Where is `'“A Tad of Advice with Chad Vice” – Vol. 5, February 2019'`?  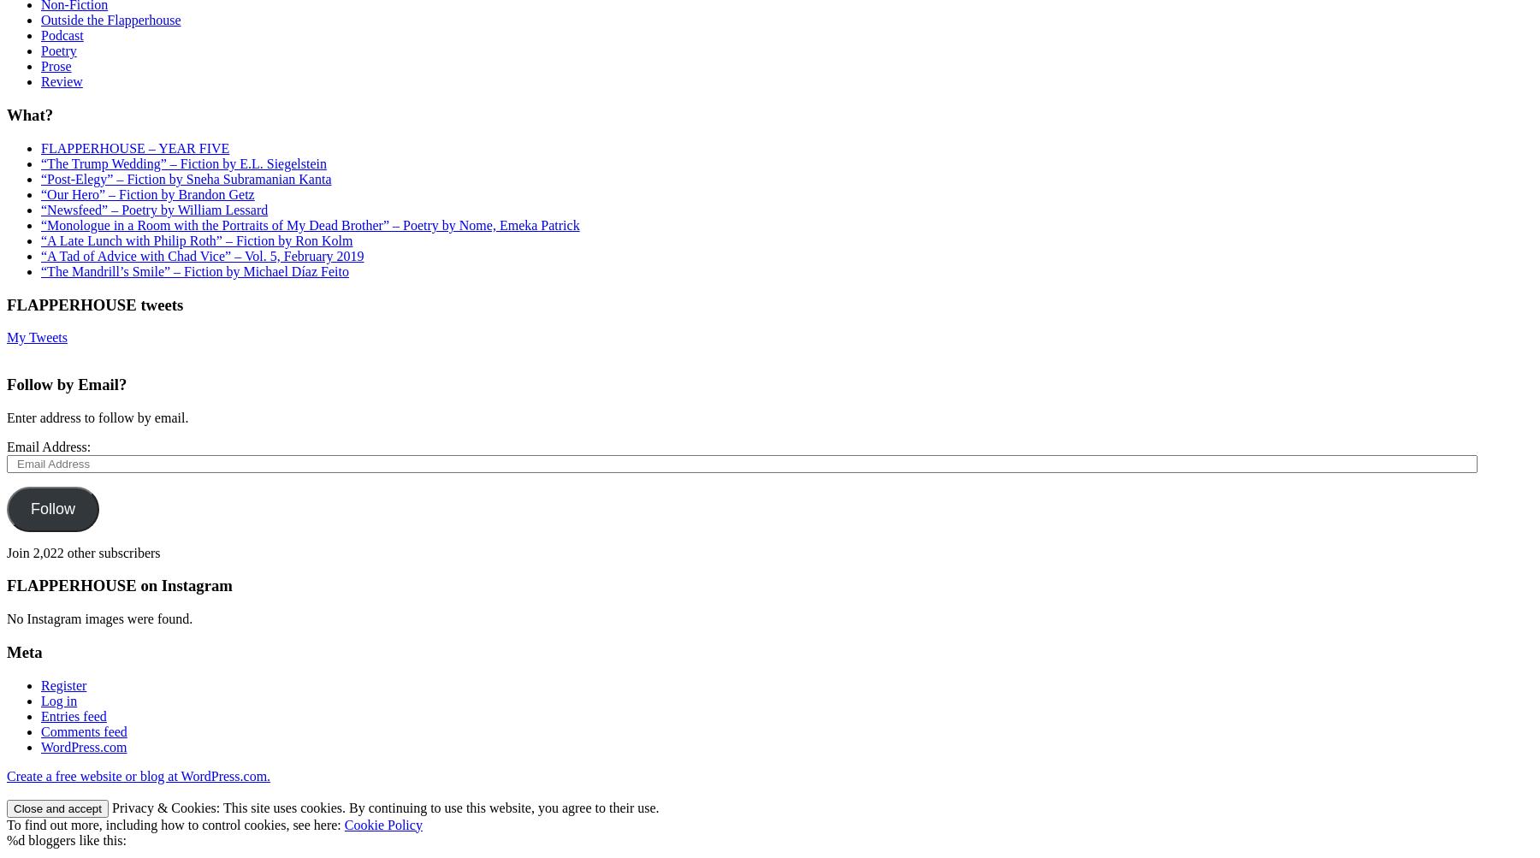 '“A Tad of Advice with Chad Vice” – Vol. 5, February 2019' is located at coordinates (201, 255).